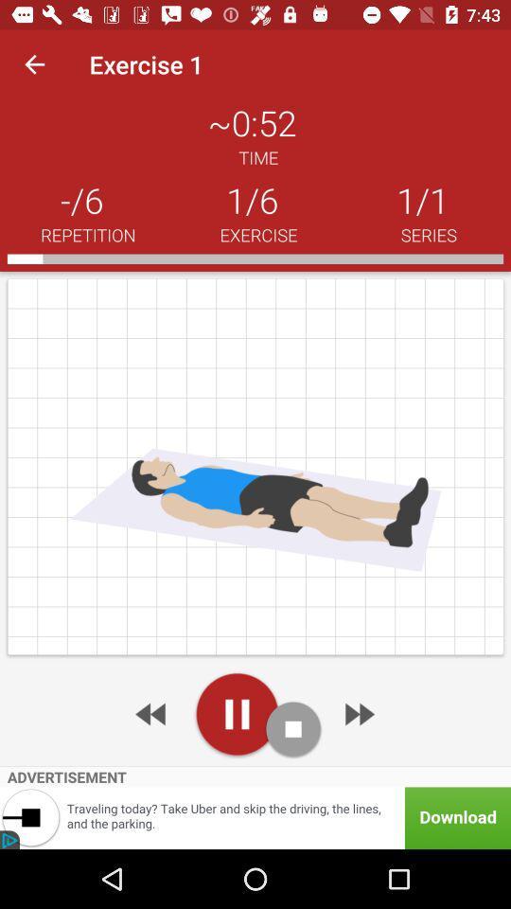 This screenshot has height=909, width=511. What do you see at coordinates (255, 817) in the screenshot?
I see `visit advertiser website` at bounding box center [255, 817].